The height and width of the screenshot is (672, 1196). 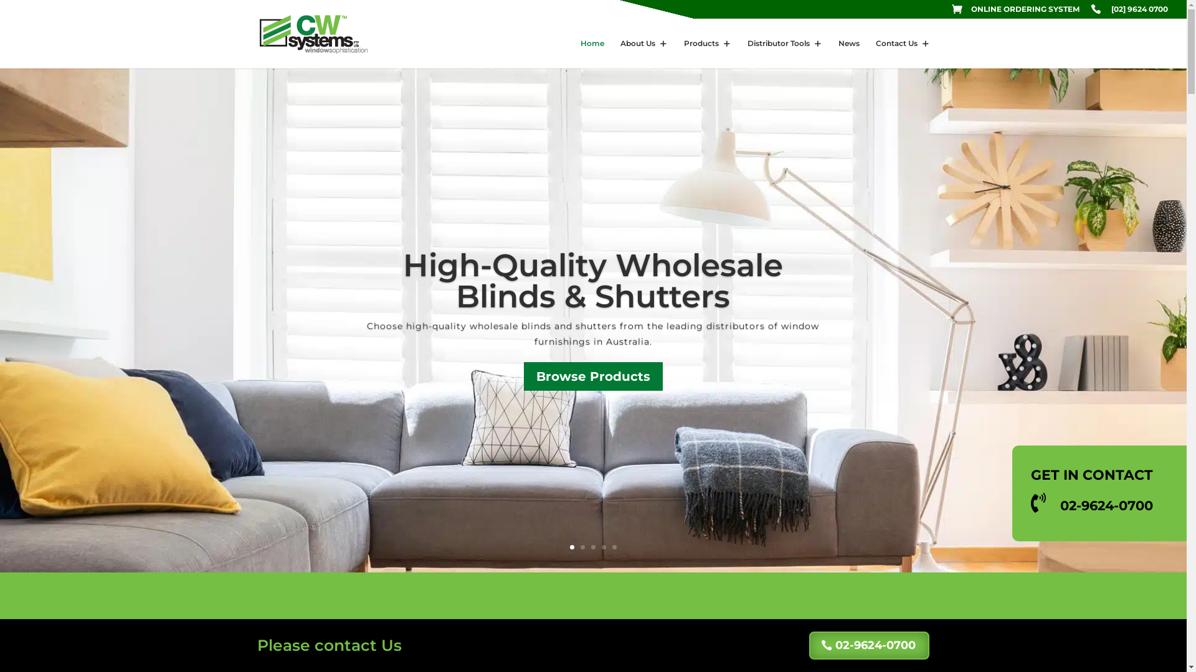 I want to click on 'Browse Products', so click(x=523, y=376).